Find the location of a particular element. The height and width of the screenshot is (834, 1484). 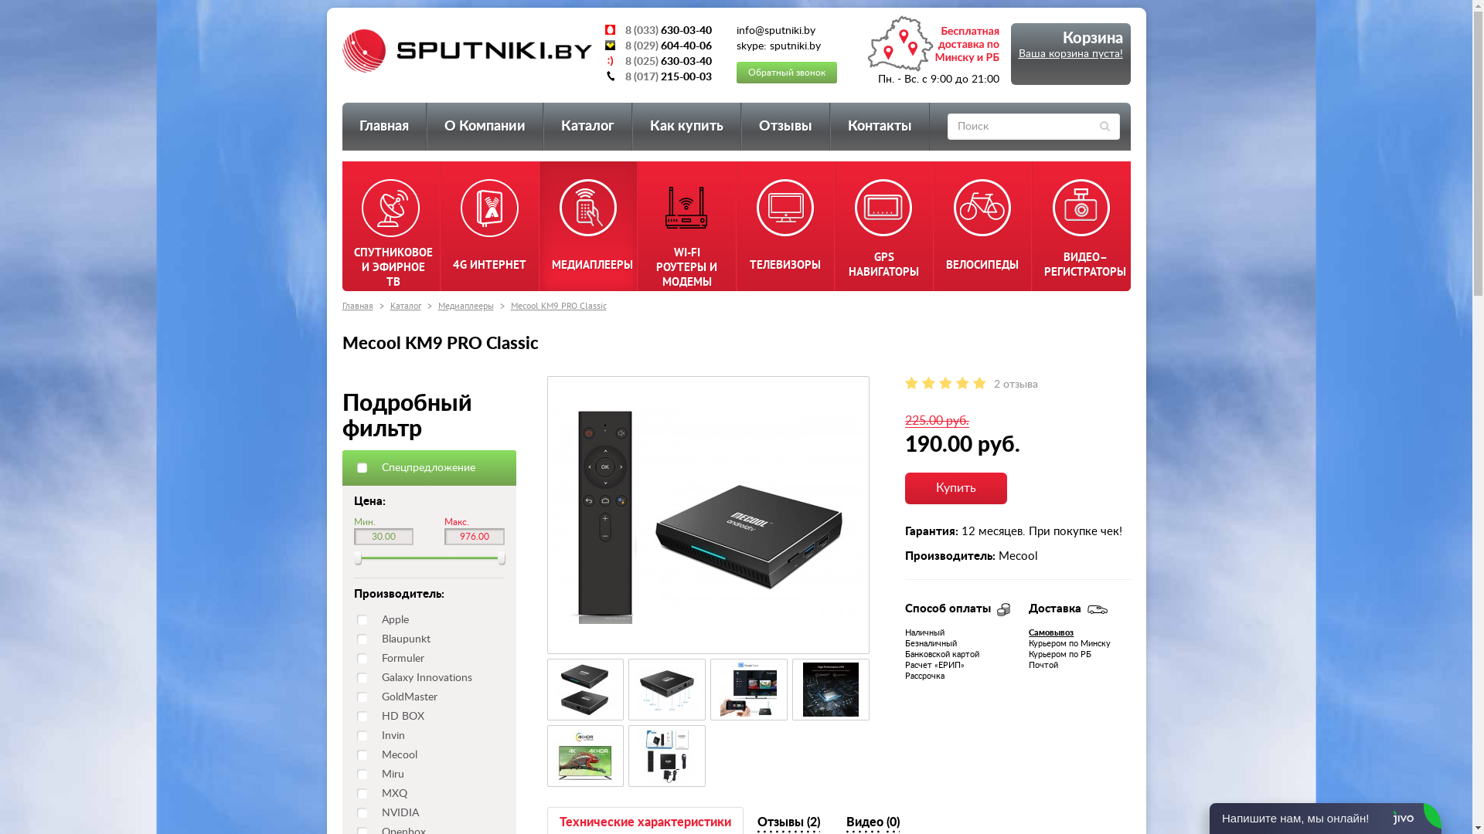

'Mecool KM9 PRO Classic' is located at coordinates (584, 689).